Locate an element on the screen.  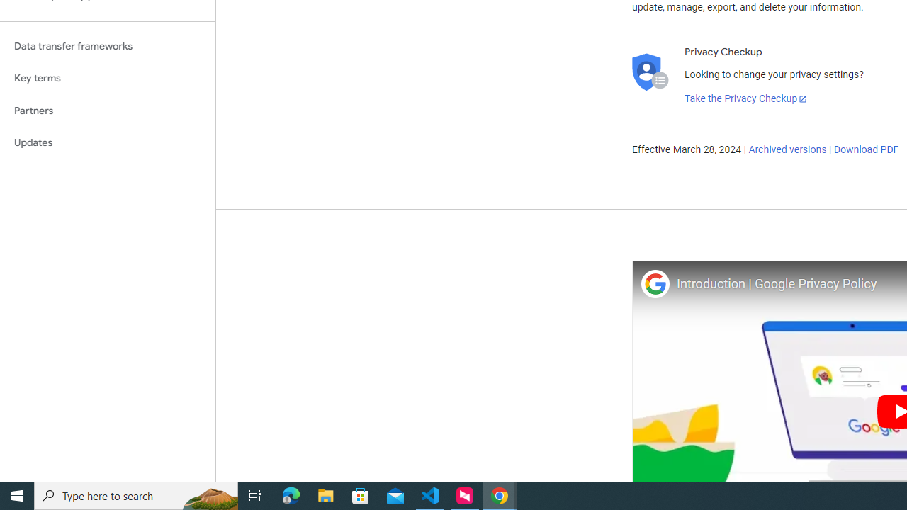
'Download PDF' is located at coordinates (865, 150).